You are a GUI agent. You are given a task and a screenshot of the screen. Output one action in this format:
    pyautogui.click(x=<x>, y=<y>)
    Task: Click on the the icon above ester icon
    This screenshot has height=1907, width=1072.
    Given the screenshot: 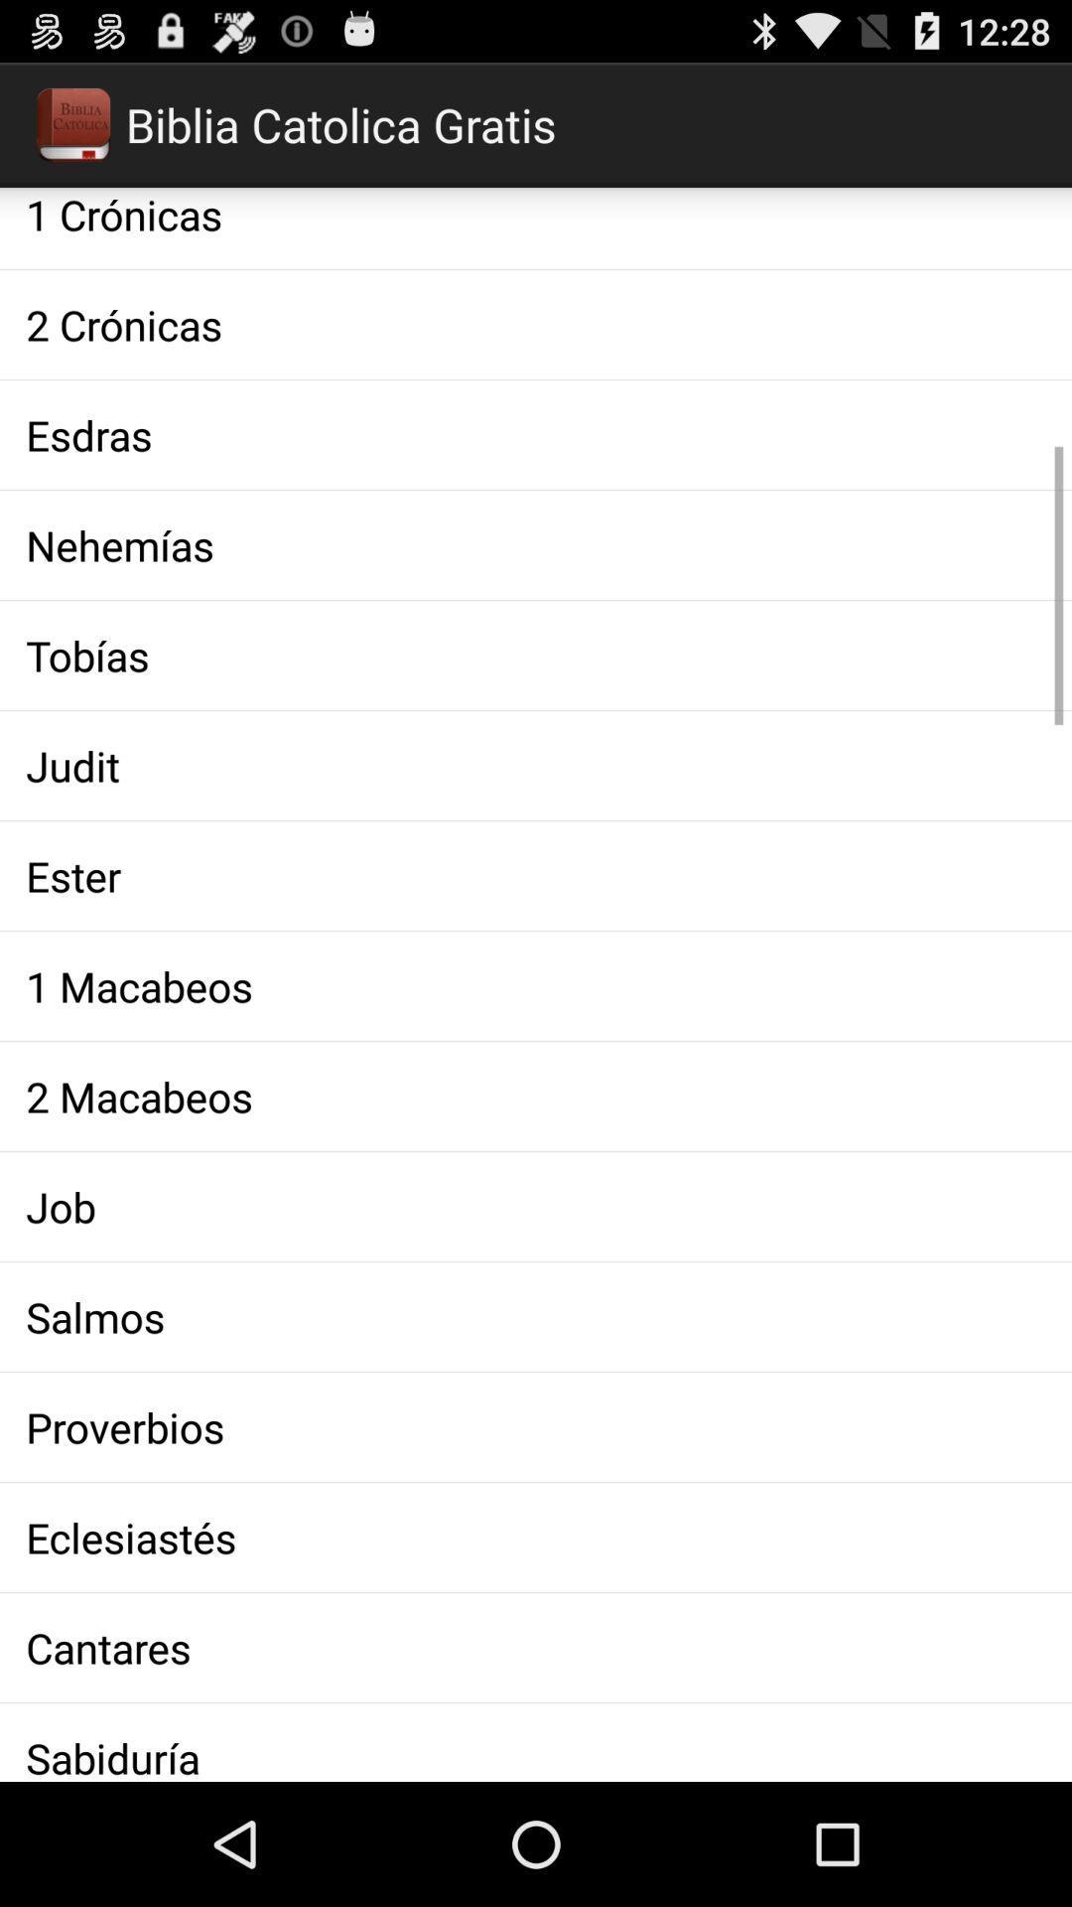 What is the action you would take?
    pyautogui.click(x=536, y=765)
    